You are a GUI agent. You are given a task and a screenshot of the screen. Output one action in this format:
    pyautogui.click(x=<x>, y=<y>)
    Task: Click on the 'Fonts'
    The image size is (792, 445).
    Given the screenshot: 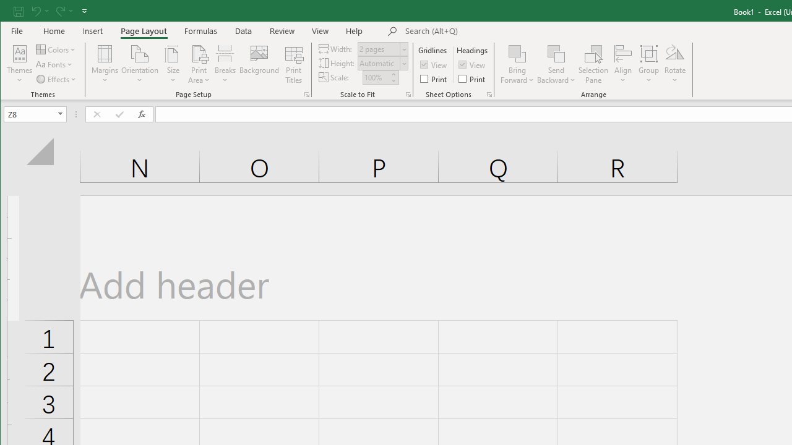 What is the action you would take?
    pyautogui.click(x=54, y=64)
    